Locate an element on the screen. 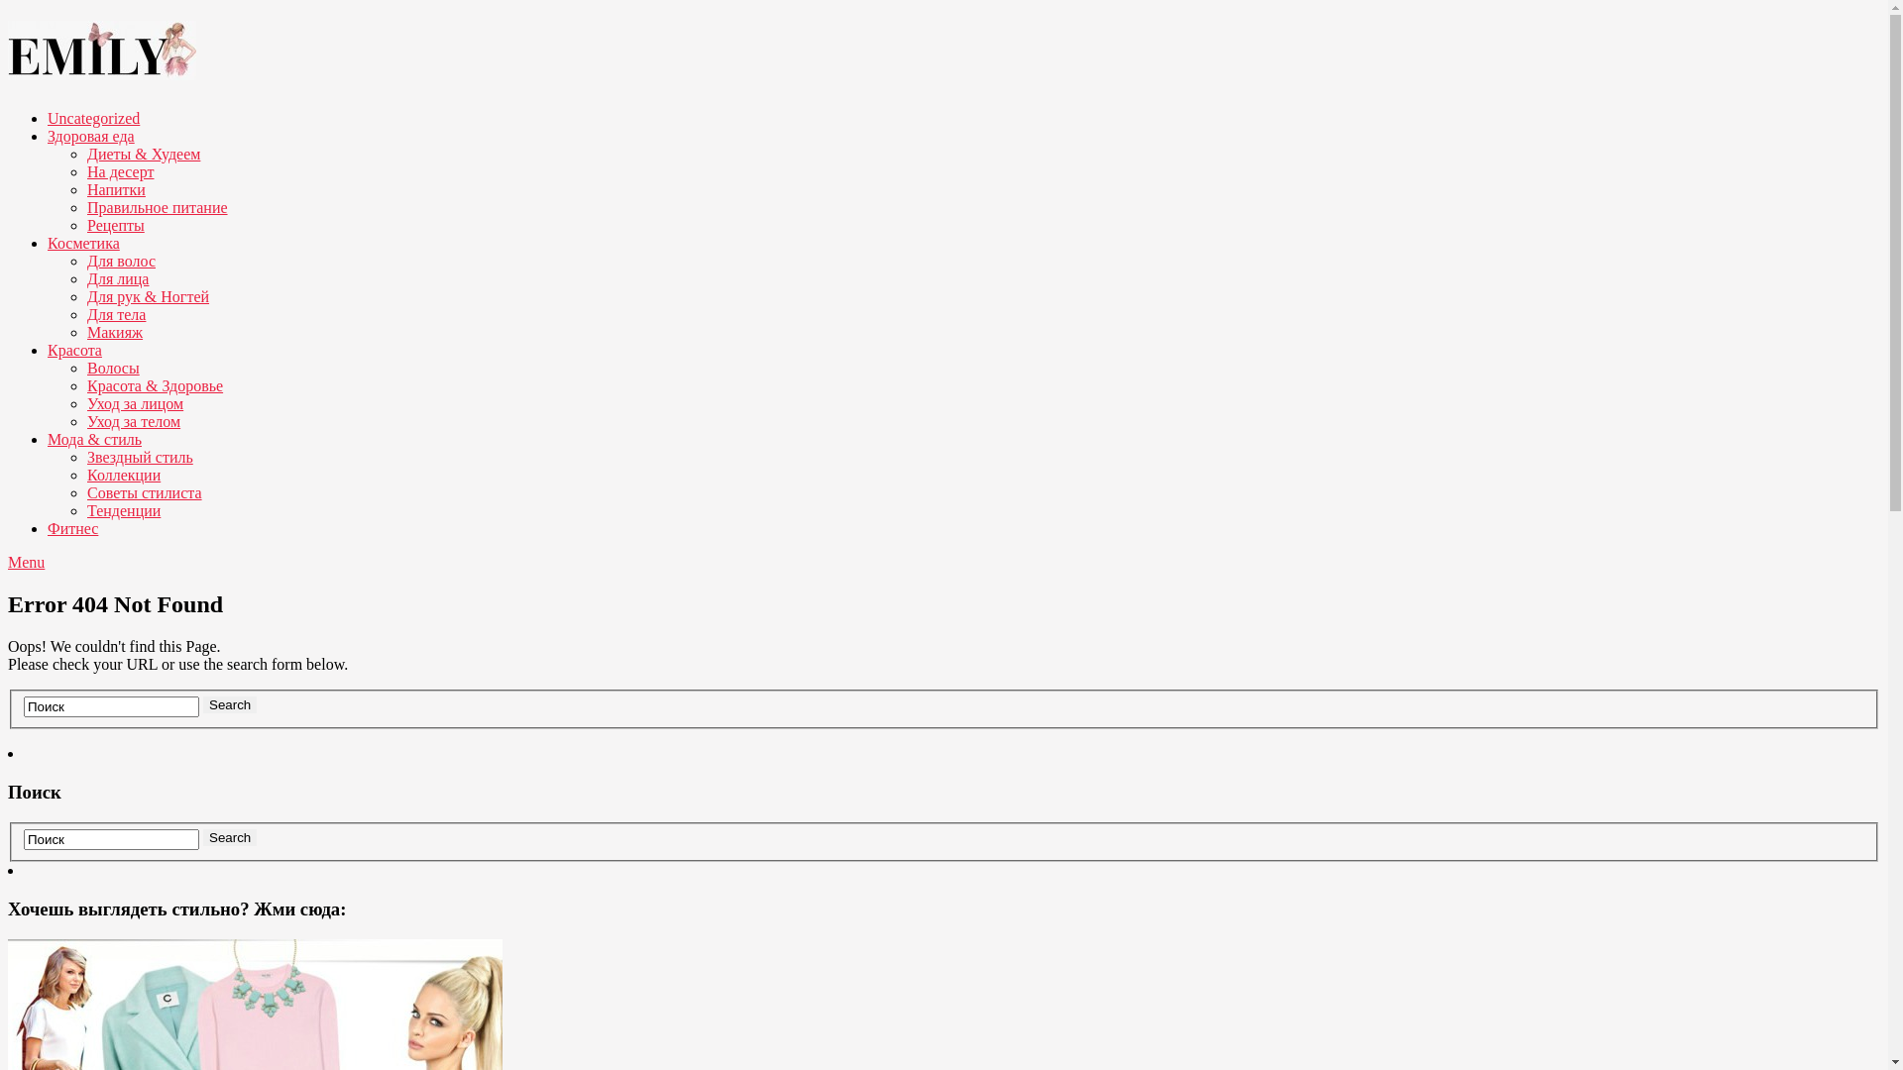 This screenshot has width=1903, height=1070. 'Search' is located at coordinates (203, 837).